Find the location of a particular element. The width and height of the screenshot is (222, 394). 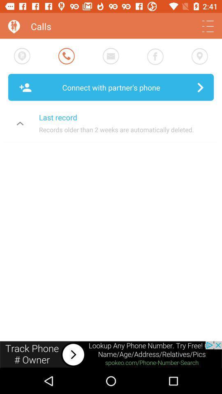

click for list is located at coordinates (207, 26).